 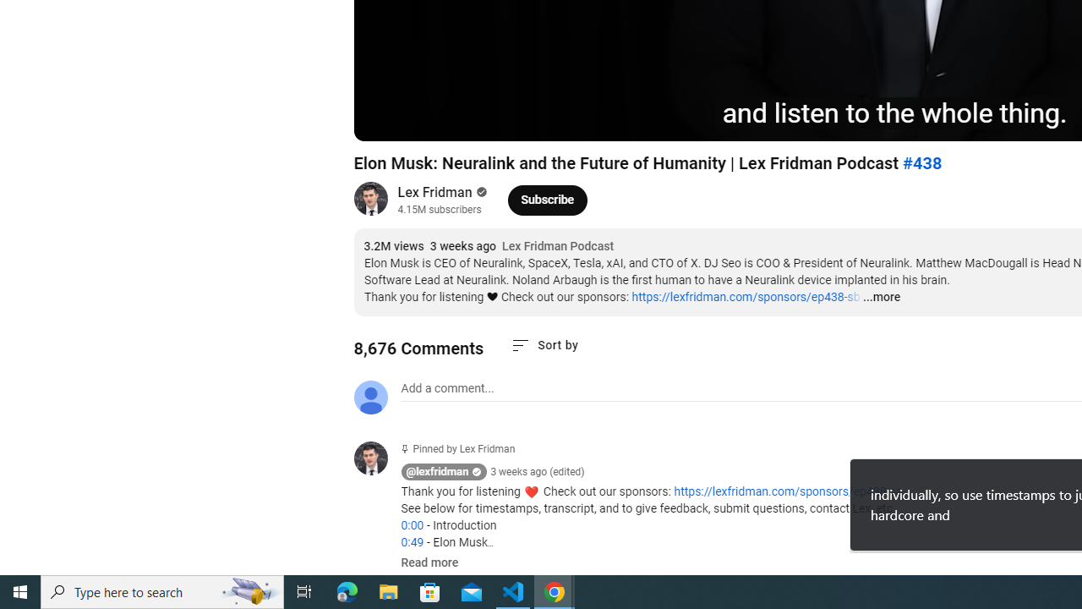 What do you see at coordinates (537, 472) in the screenshot?
I see `'3 weeks ago (edited)'` at bounding box center [537, 472].